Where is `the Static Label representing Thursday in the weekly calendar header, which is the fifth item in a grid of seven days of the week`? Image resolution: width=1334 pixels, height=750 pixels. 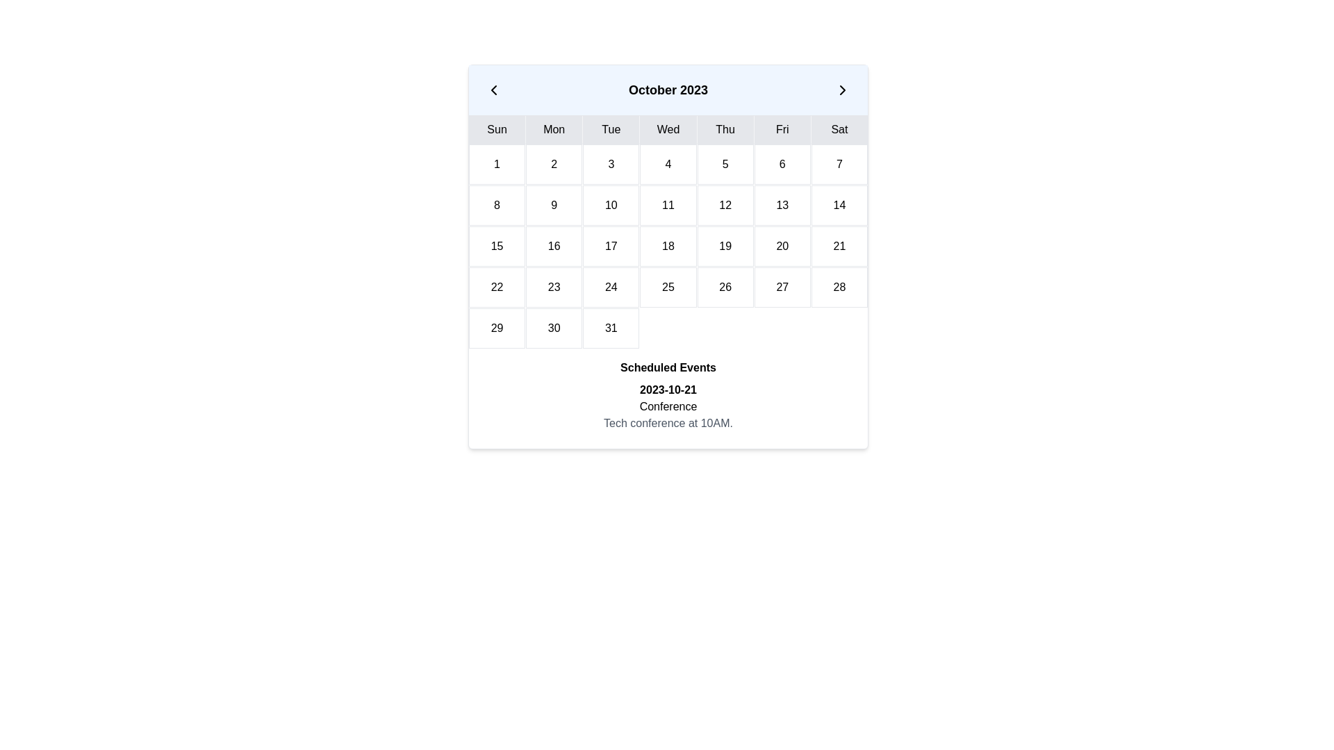
the Static Label representing Thursday in the weekly calendar header, which is the fifth item in a grid of seven days of the week is located at coordinates (725, 129).